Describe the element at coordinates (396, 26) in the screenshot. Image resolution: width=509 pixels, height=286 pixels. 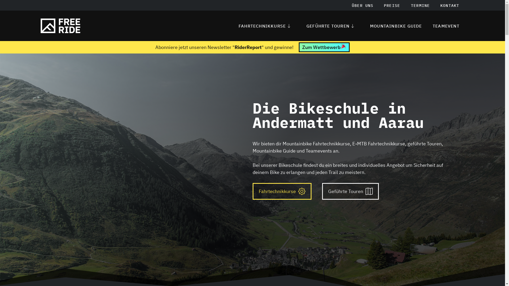
I see `'MOUNTAINBIKE GUIDE'` at that location.